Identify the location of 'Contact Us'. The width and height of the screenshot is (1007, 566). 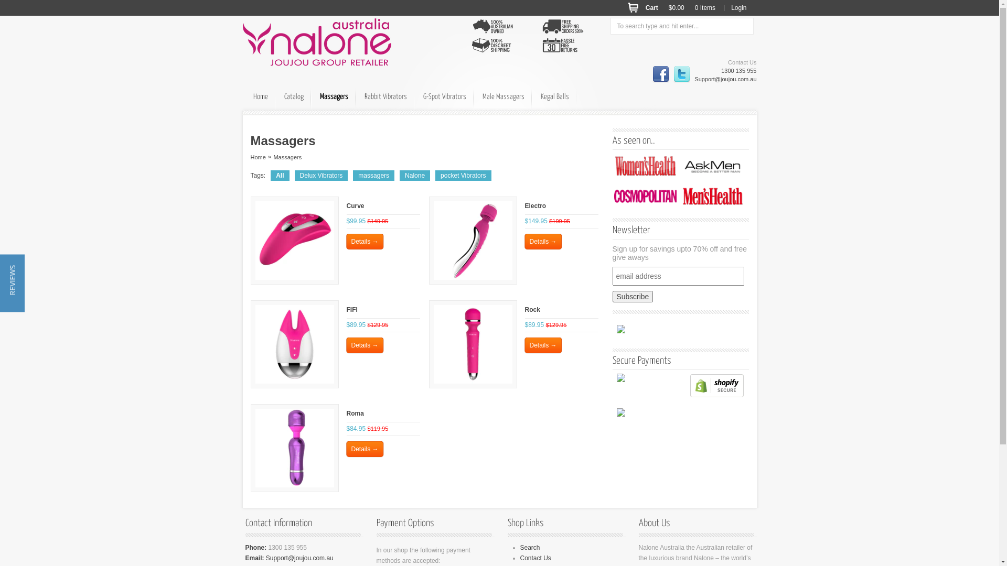
(535, 557).